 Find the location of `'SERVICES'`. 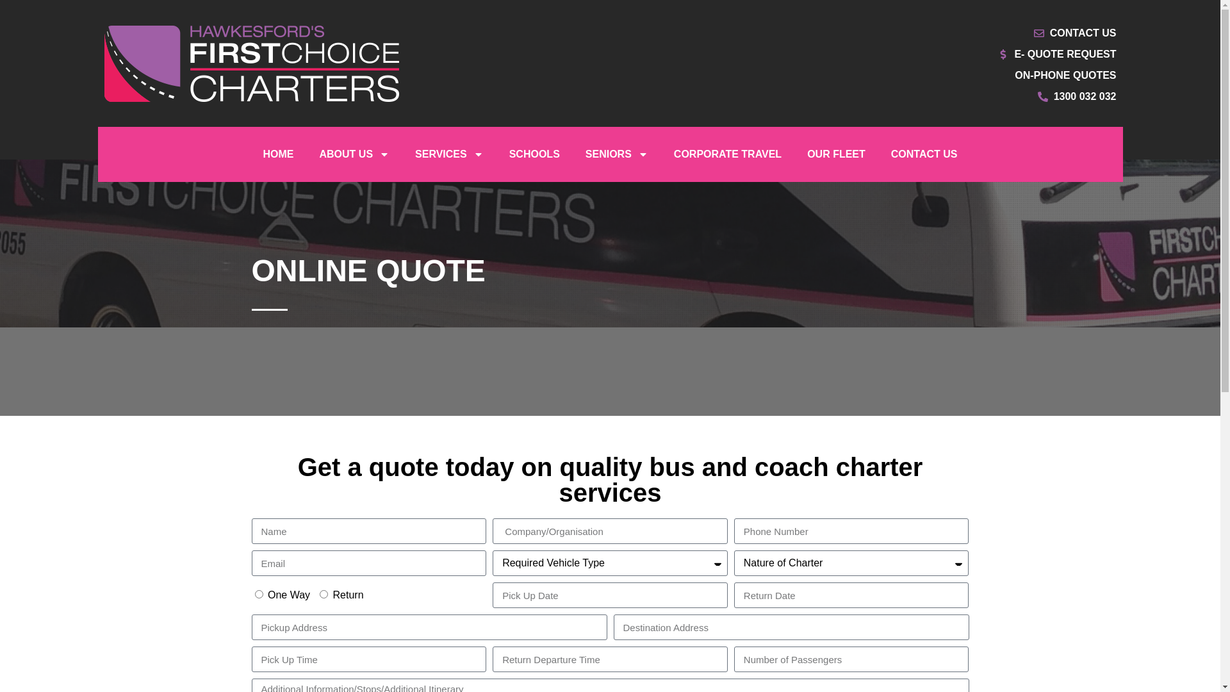

'SERVICES' is located at coordinates (402, 153).